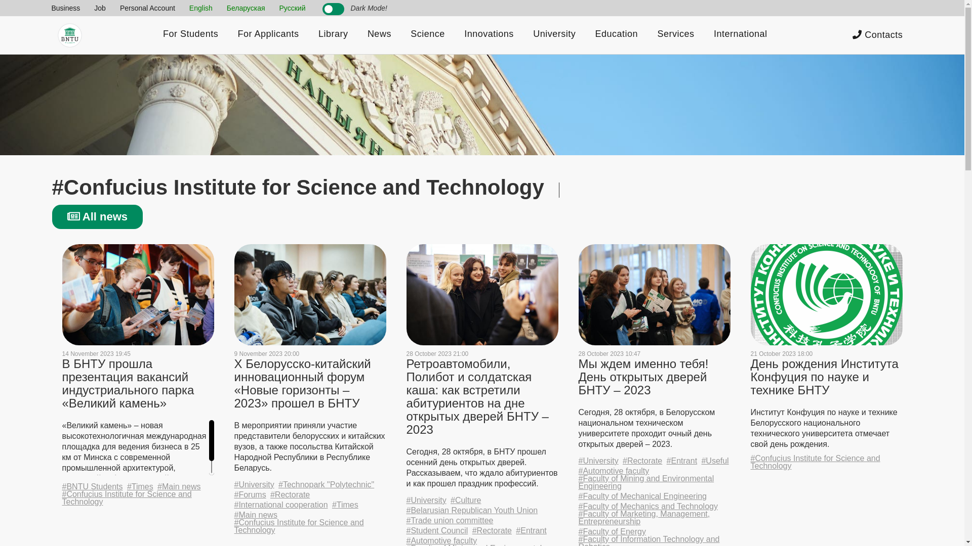 The height and width of the screenshot is (546, 972). Describe the element at coordinates (147, 8) in the screenshot. I see `'Personal Account'` at that location.